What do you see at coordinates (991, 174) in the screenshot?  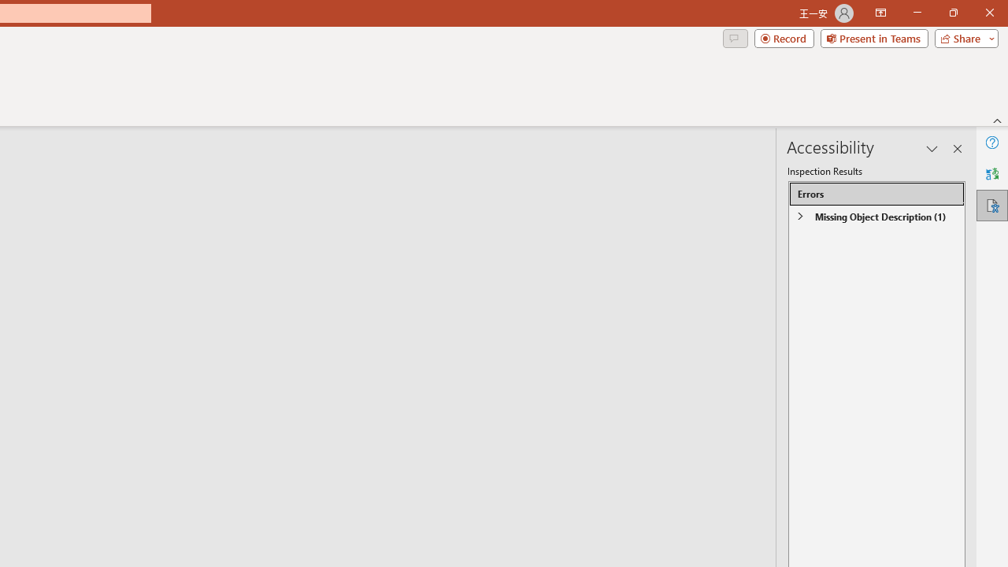 I see `'Translator'` at bounding box center [991, 174].